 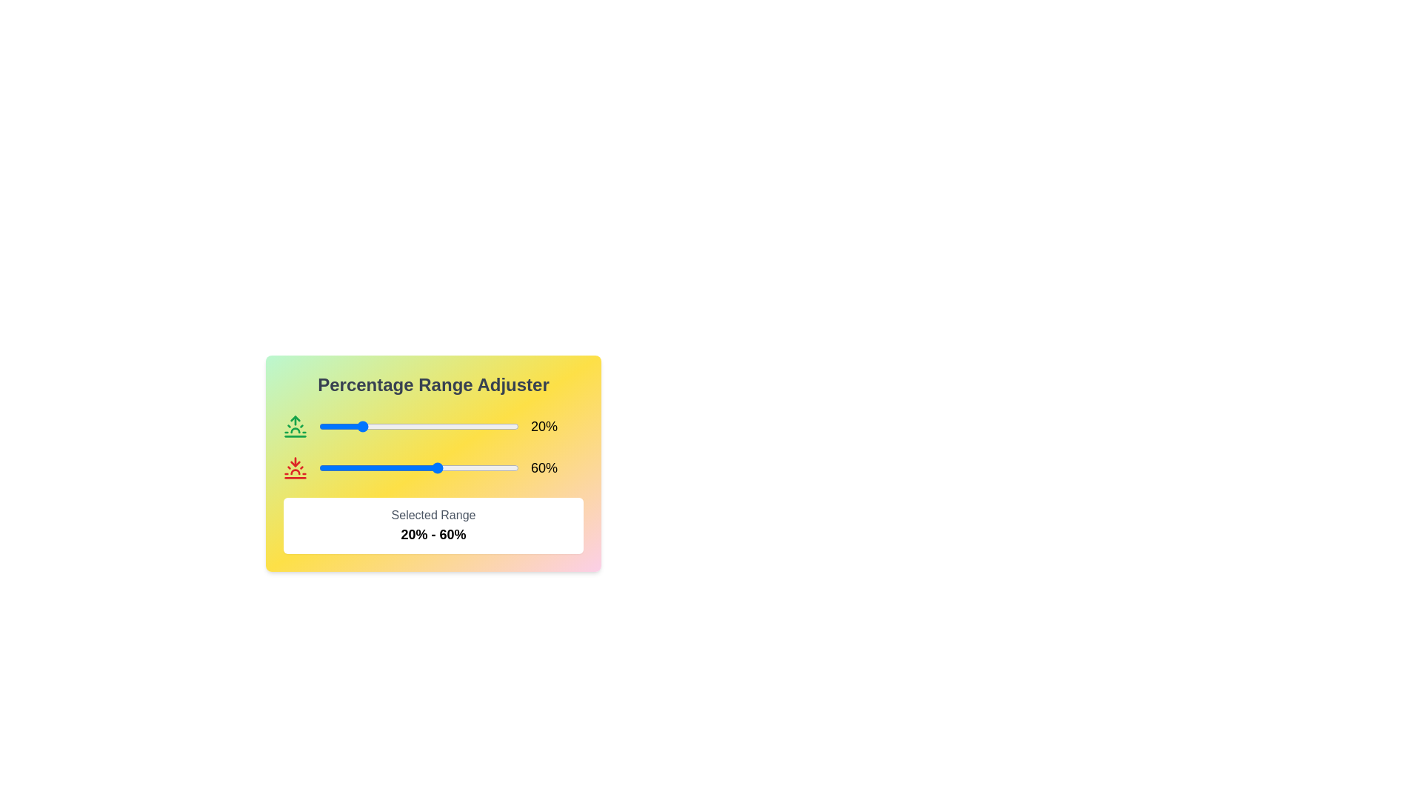 What do you see at coordinates (440, 468) in the screenshot?
I see `the slider` at bounding box center [440, 468].